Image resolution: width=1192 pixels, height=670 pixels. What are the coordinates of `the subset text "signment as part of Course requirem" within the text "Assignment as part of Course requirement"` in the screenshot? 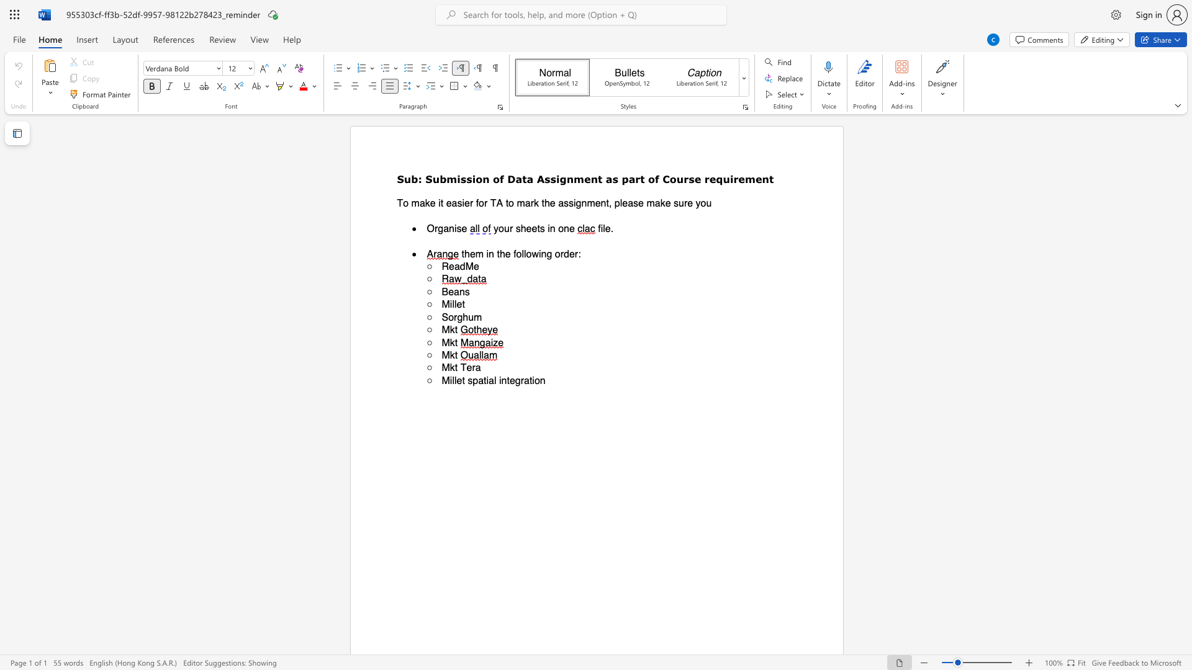 It's located at (549, 179).